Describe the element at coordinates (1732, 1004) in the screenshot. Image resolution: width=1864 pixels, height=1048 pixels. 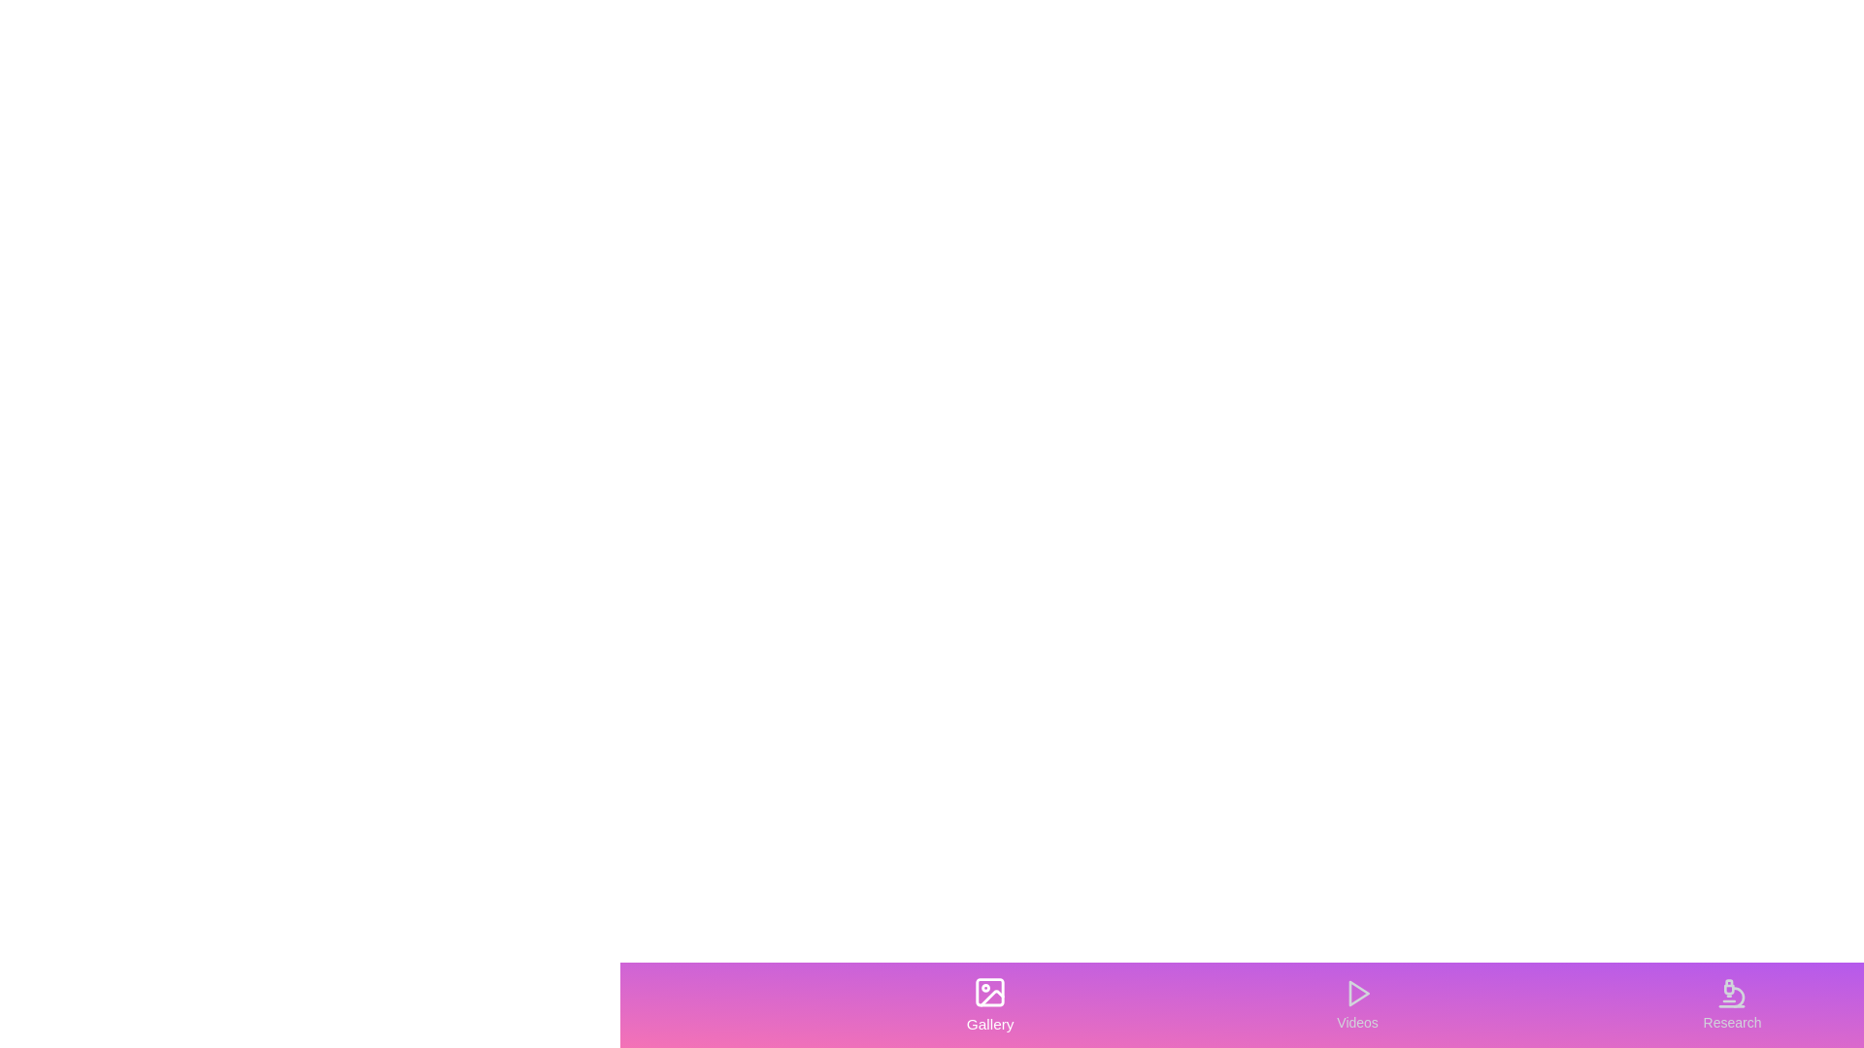
I see `the icon in the Research tab` at that location.